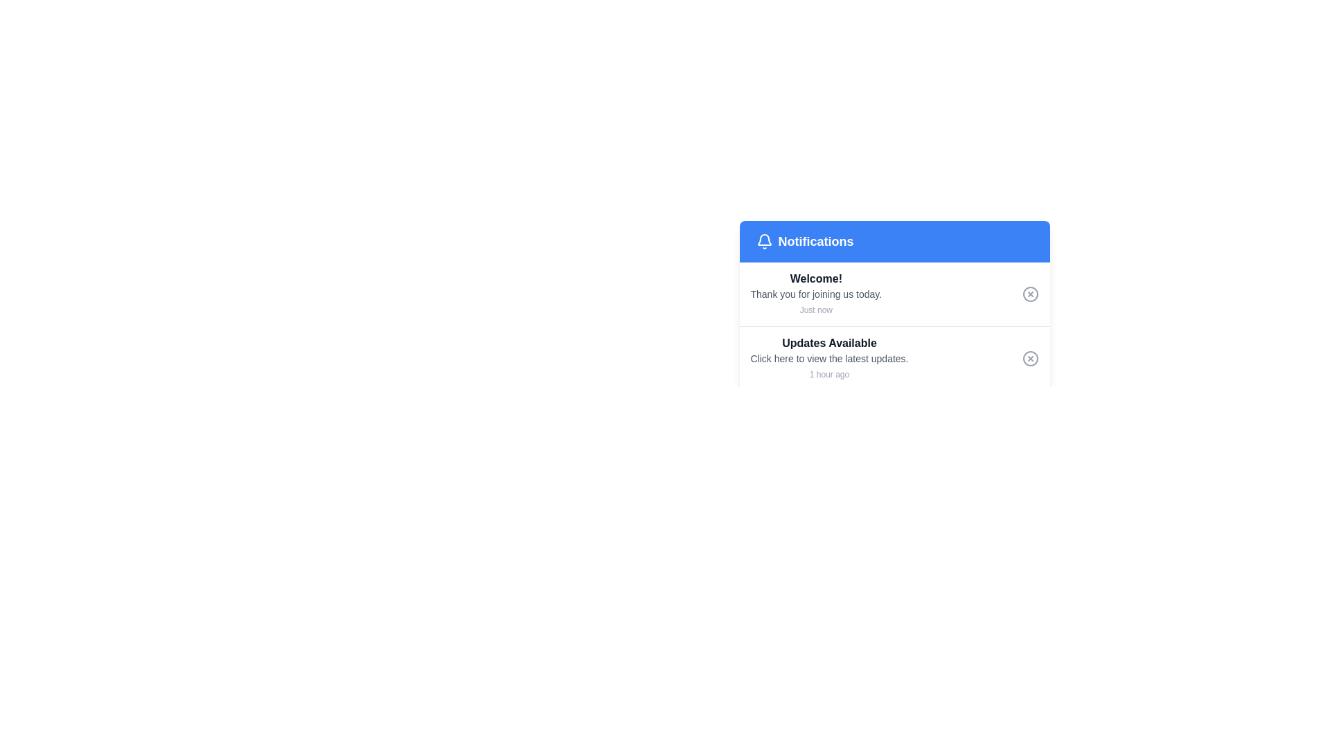  What do you see at coordinates (816, 309) in the screenshot?
I see `the text label reading 'Just now'` at bounding box center [816, 309].